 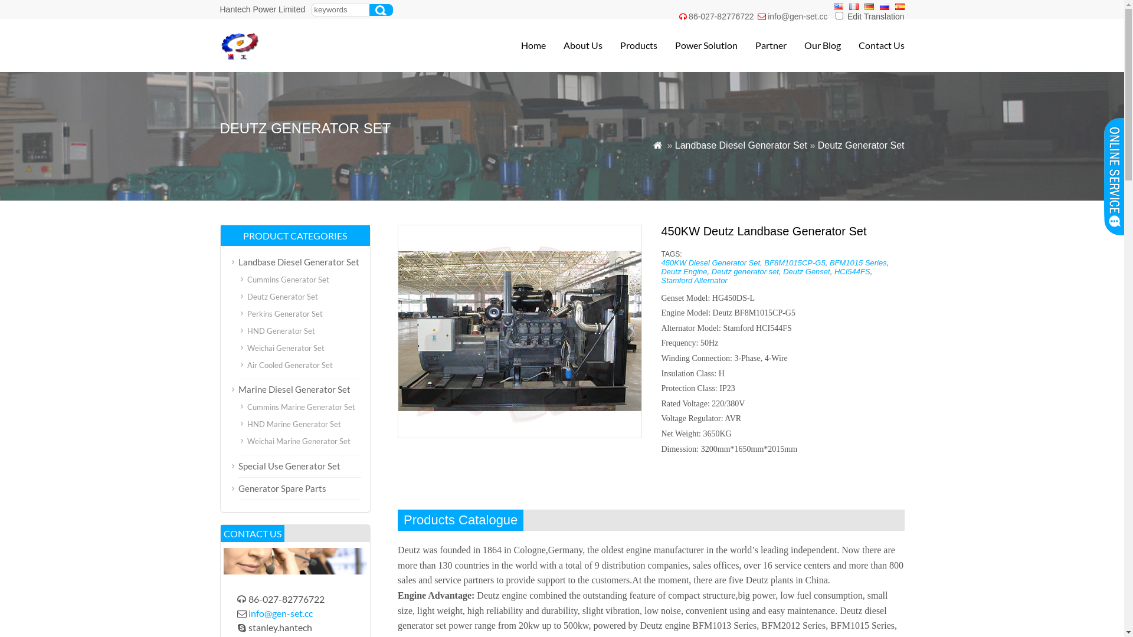 What do you see at coordinates (721, 16) in the screenshot?
I see `'86-027-82776722'` at bounding box center [721, 16].